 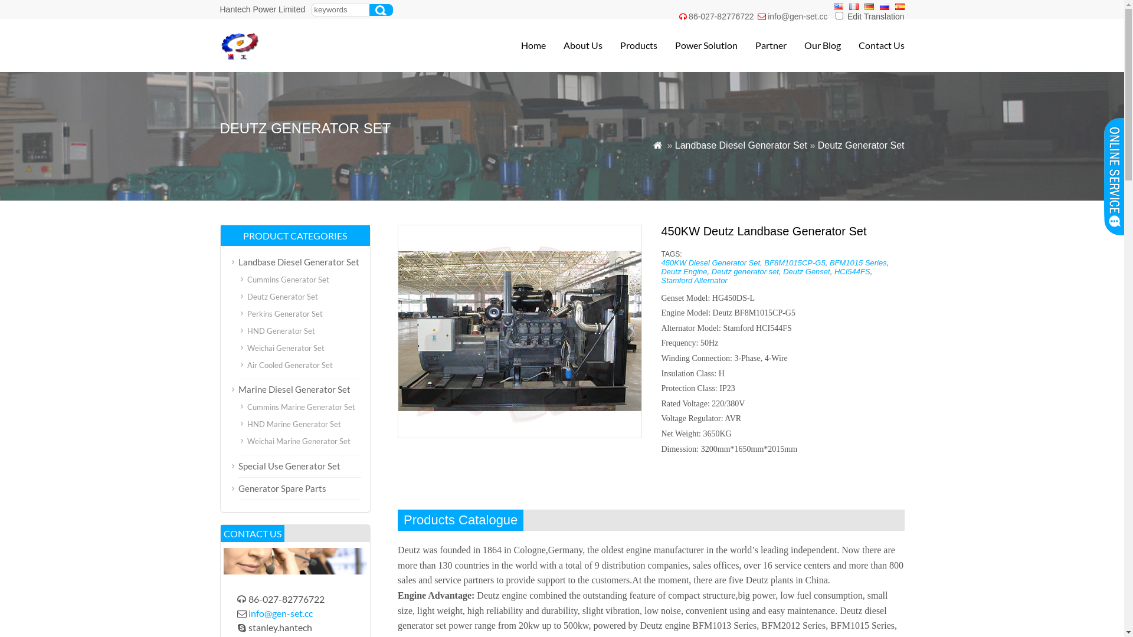 What do you see at coordinates (721, 16) in the screenshot?
I see `'86-027-82776722'` at bounding box center [721, 16].